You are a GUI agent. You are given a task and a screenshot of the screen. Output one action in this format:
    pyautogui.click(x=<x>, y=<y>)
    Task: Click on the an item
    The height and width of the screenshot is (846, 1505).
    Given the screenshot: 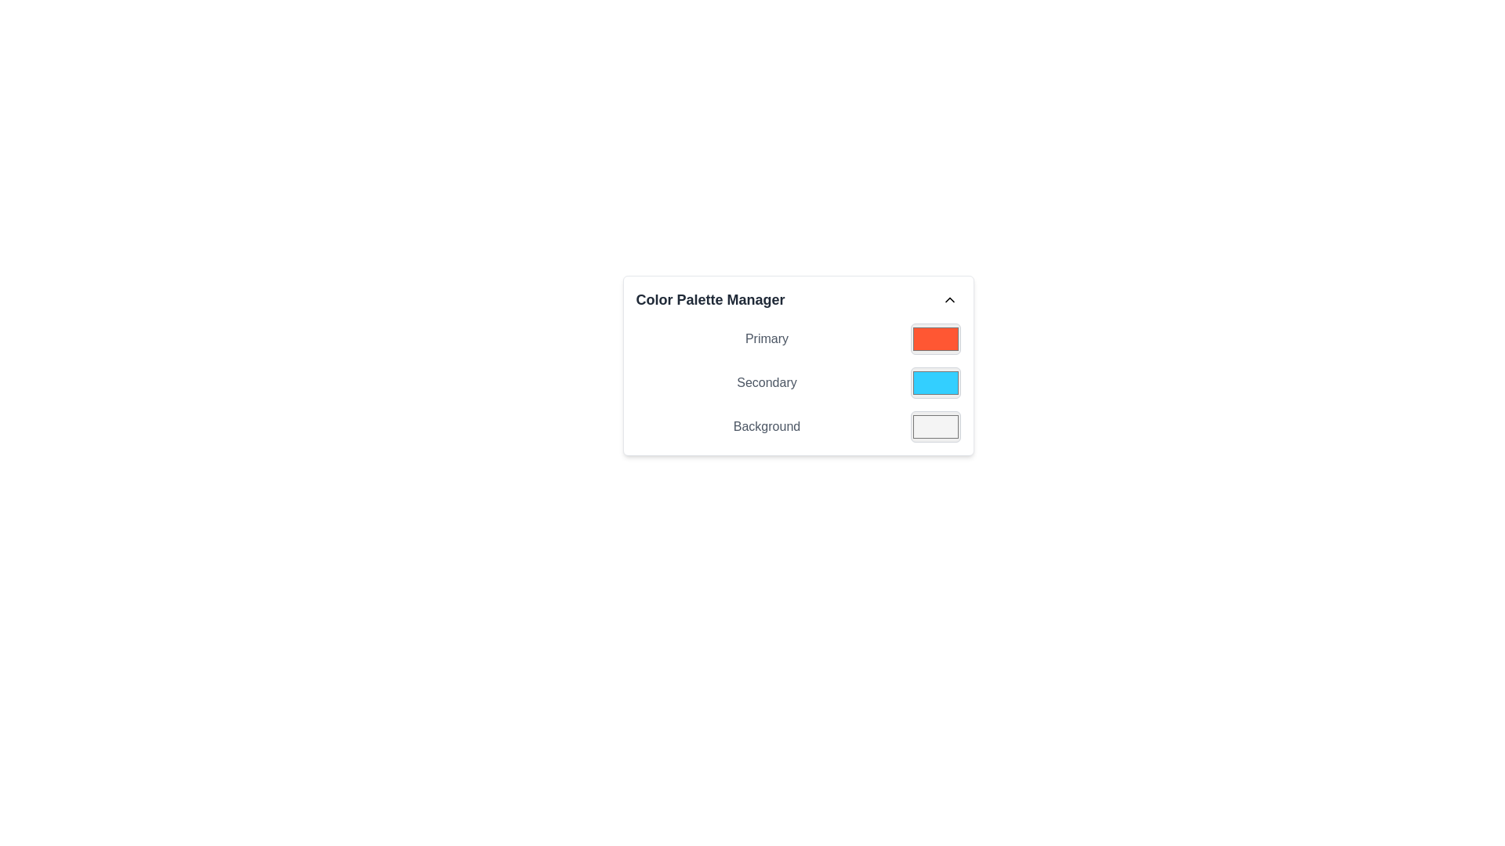 What is the action you would take?
    pyautogui.click(x=798, y=383)
    